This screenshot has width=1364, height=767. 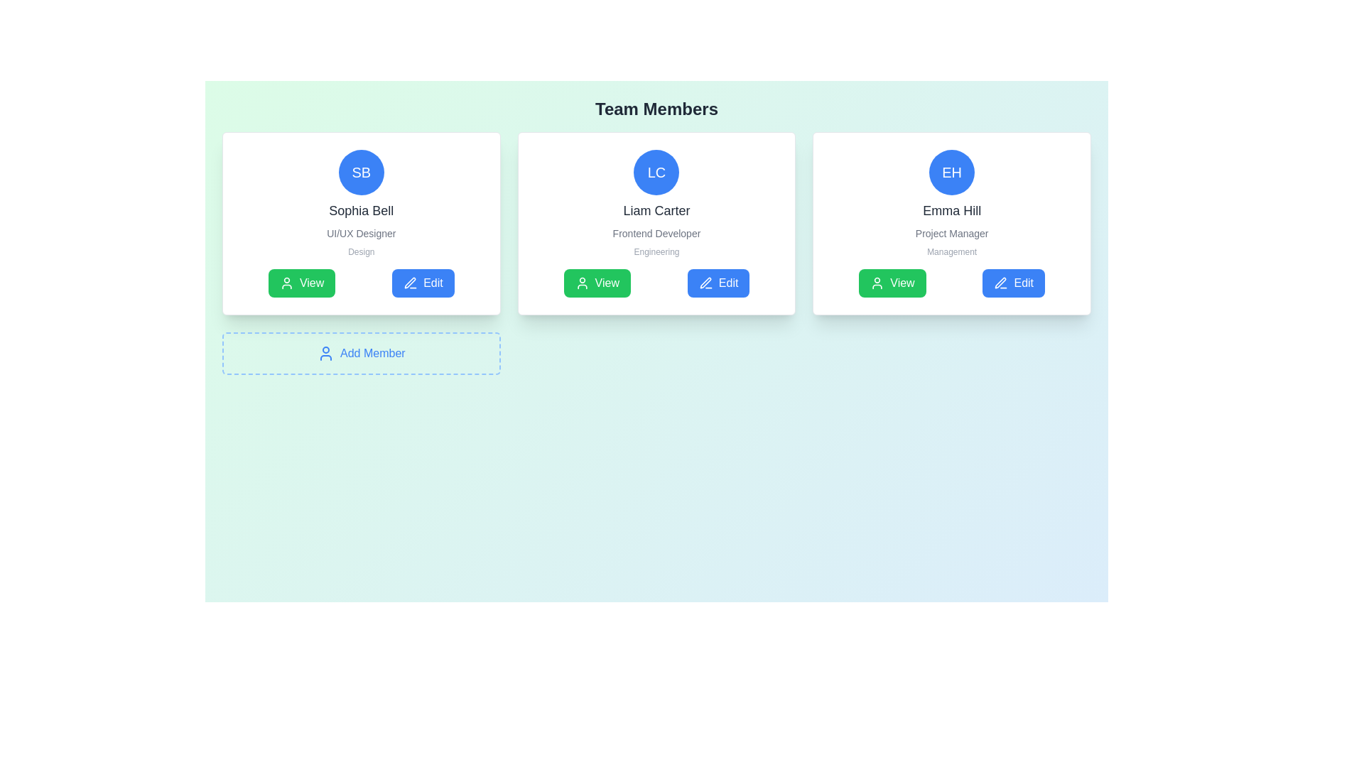 What do you see at coordinates (597, 283) in the screenshot?
I see `the 'View' button located in the lower-left corner of the middle card in a three-card layout` at bounding box center [597, 283].